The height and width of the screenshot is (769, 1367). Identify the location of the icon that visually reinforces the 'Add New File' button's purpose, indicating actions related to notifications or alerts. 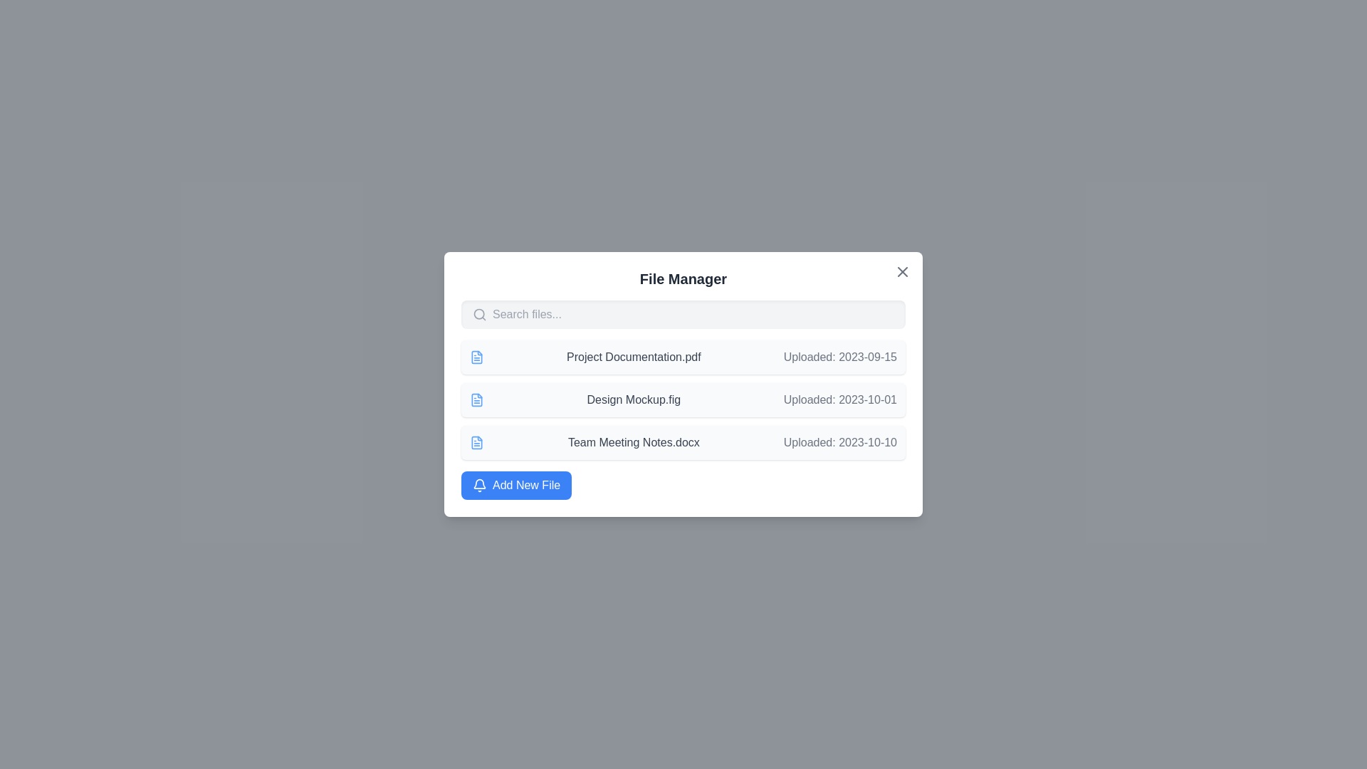
(479, 485).